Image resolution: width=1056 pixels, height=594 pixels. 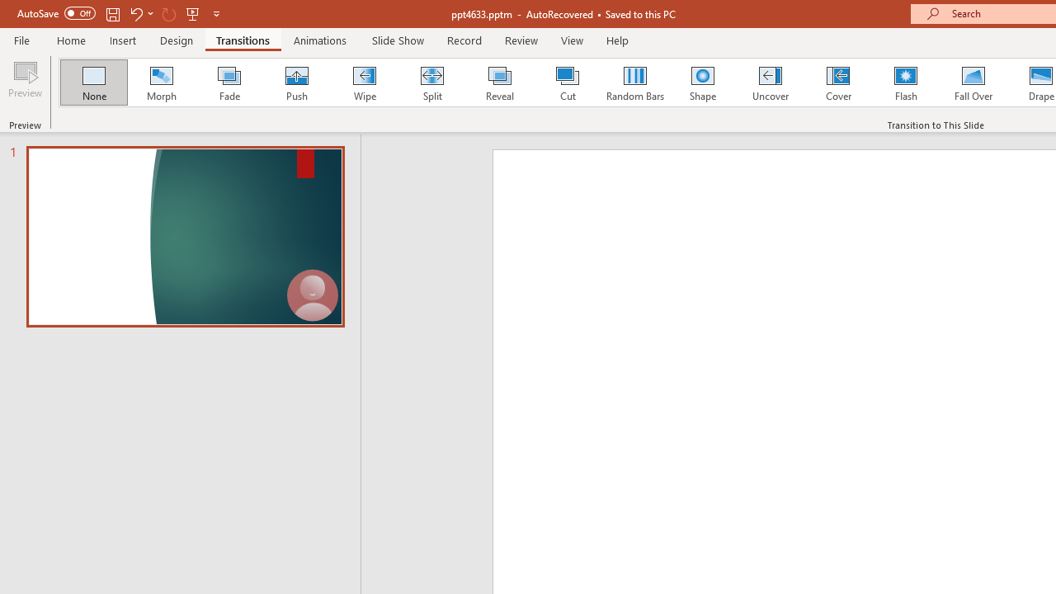 I want to click on 'Fall Over', so click(x=973, y=82).